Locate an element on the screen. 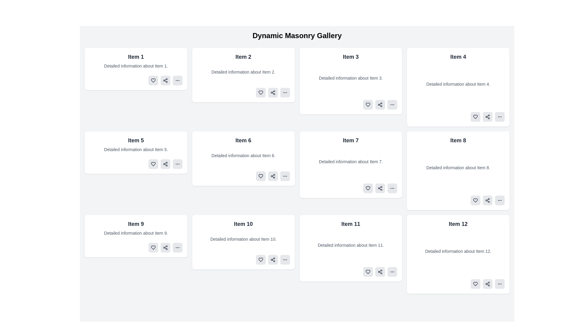  the heart icon in the bottom-left corner of the 'Item 11' card is located at coordinates (368, 272).